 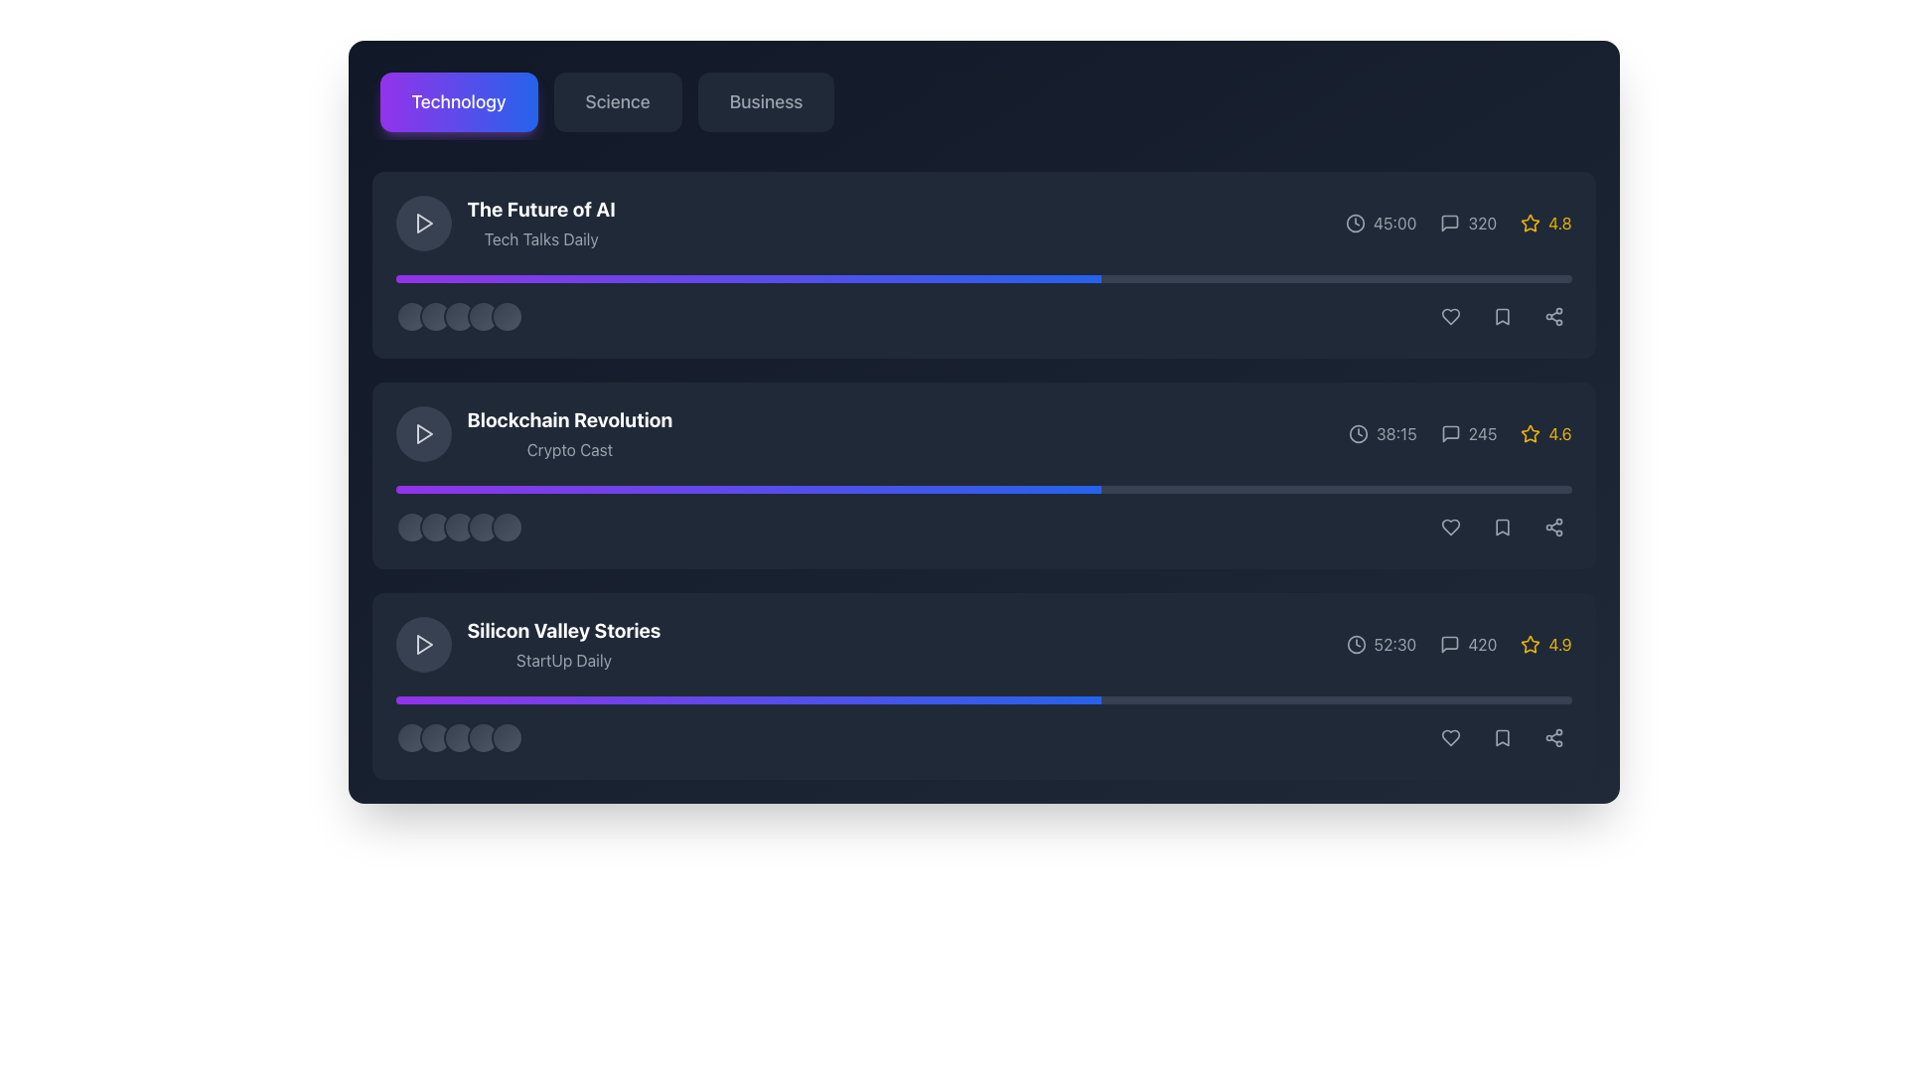 I want to click on text element styled in bold white font that reads 'Silicon Valley Stories', positioned above 'StartUp Daily' in the list item near the bottom of the displayed content, so click(x=562, y=631).